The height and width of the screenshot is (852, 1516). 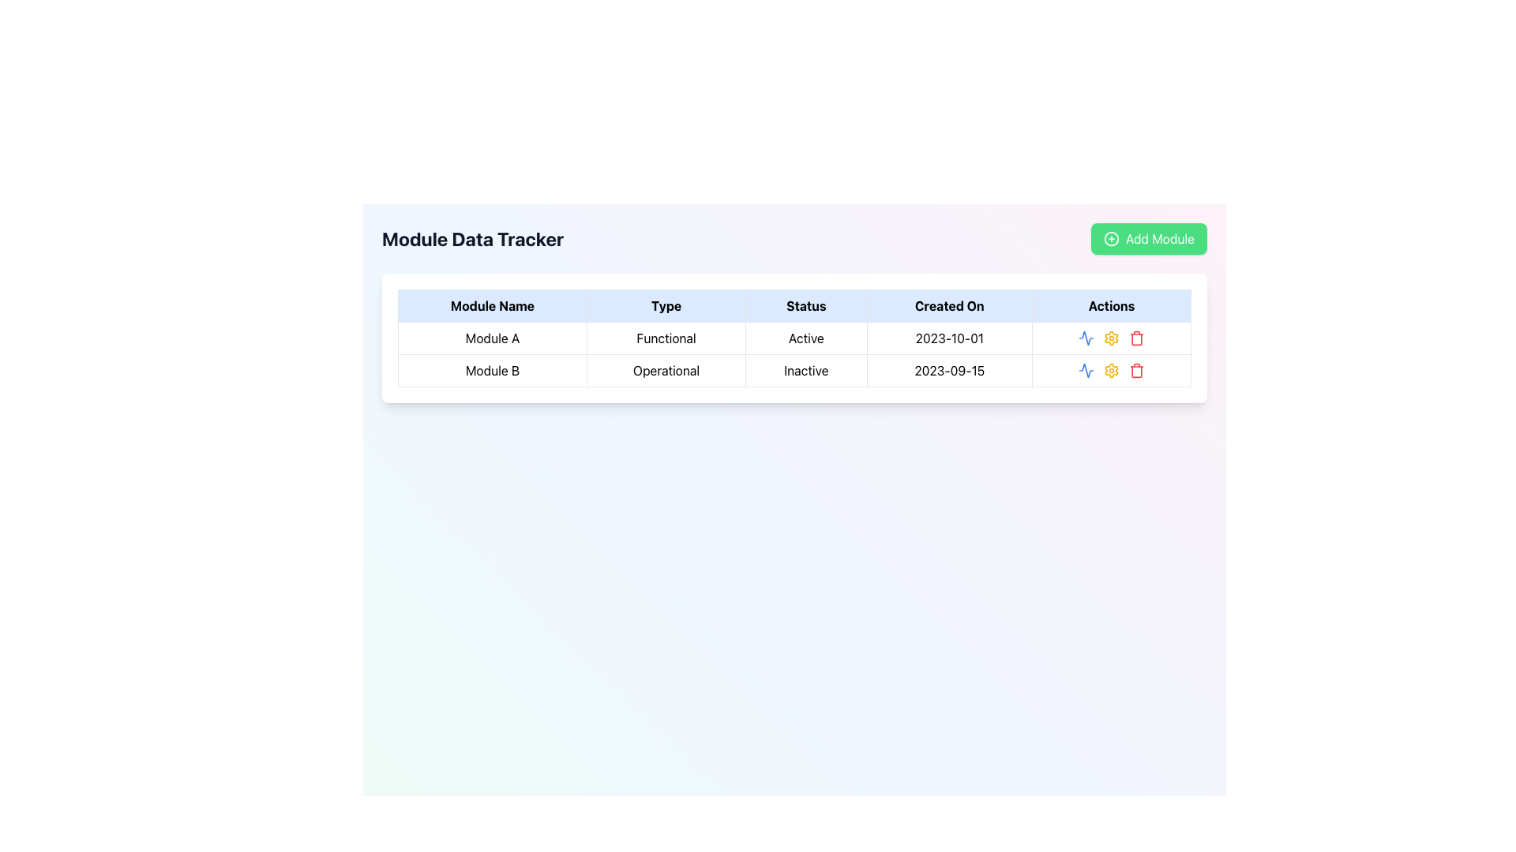 I want to click on the header cell labeled 'Type' in the table, which has a light blue background and black bold text, located between 'Module Name' and 'Status', so click(x=666, y=306).